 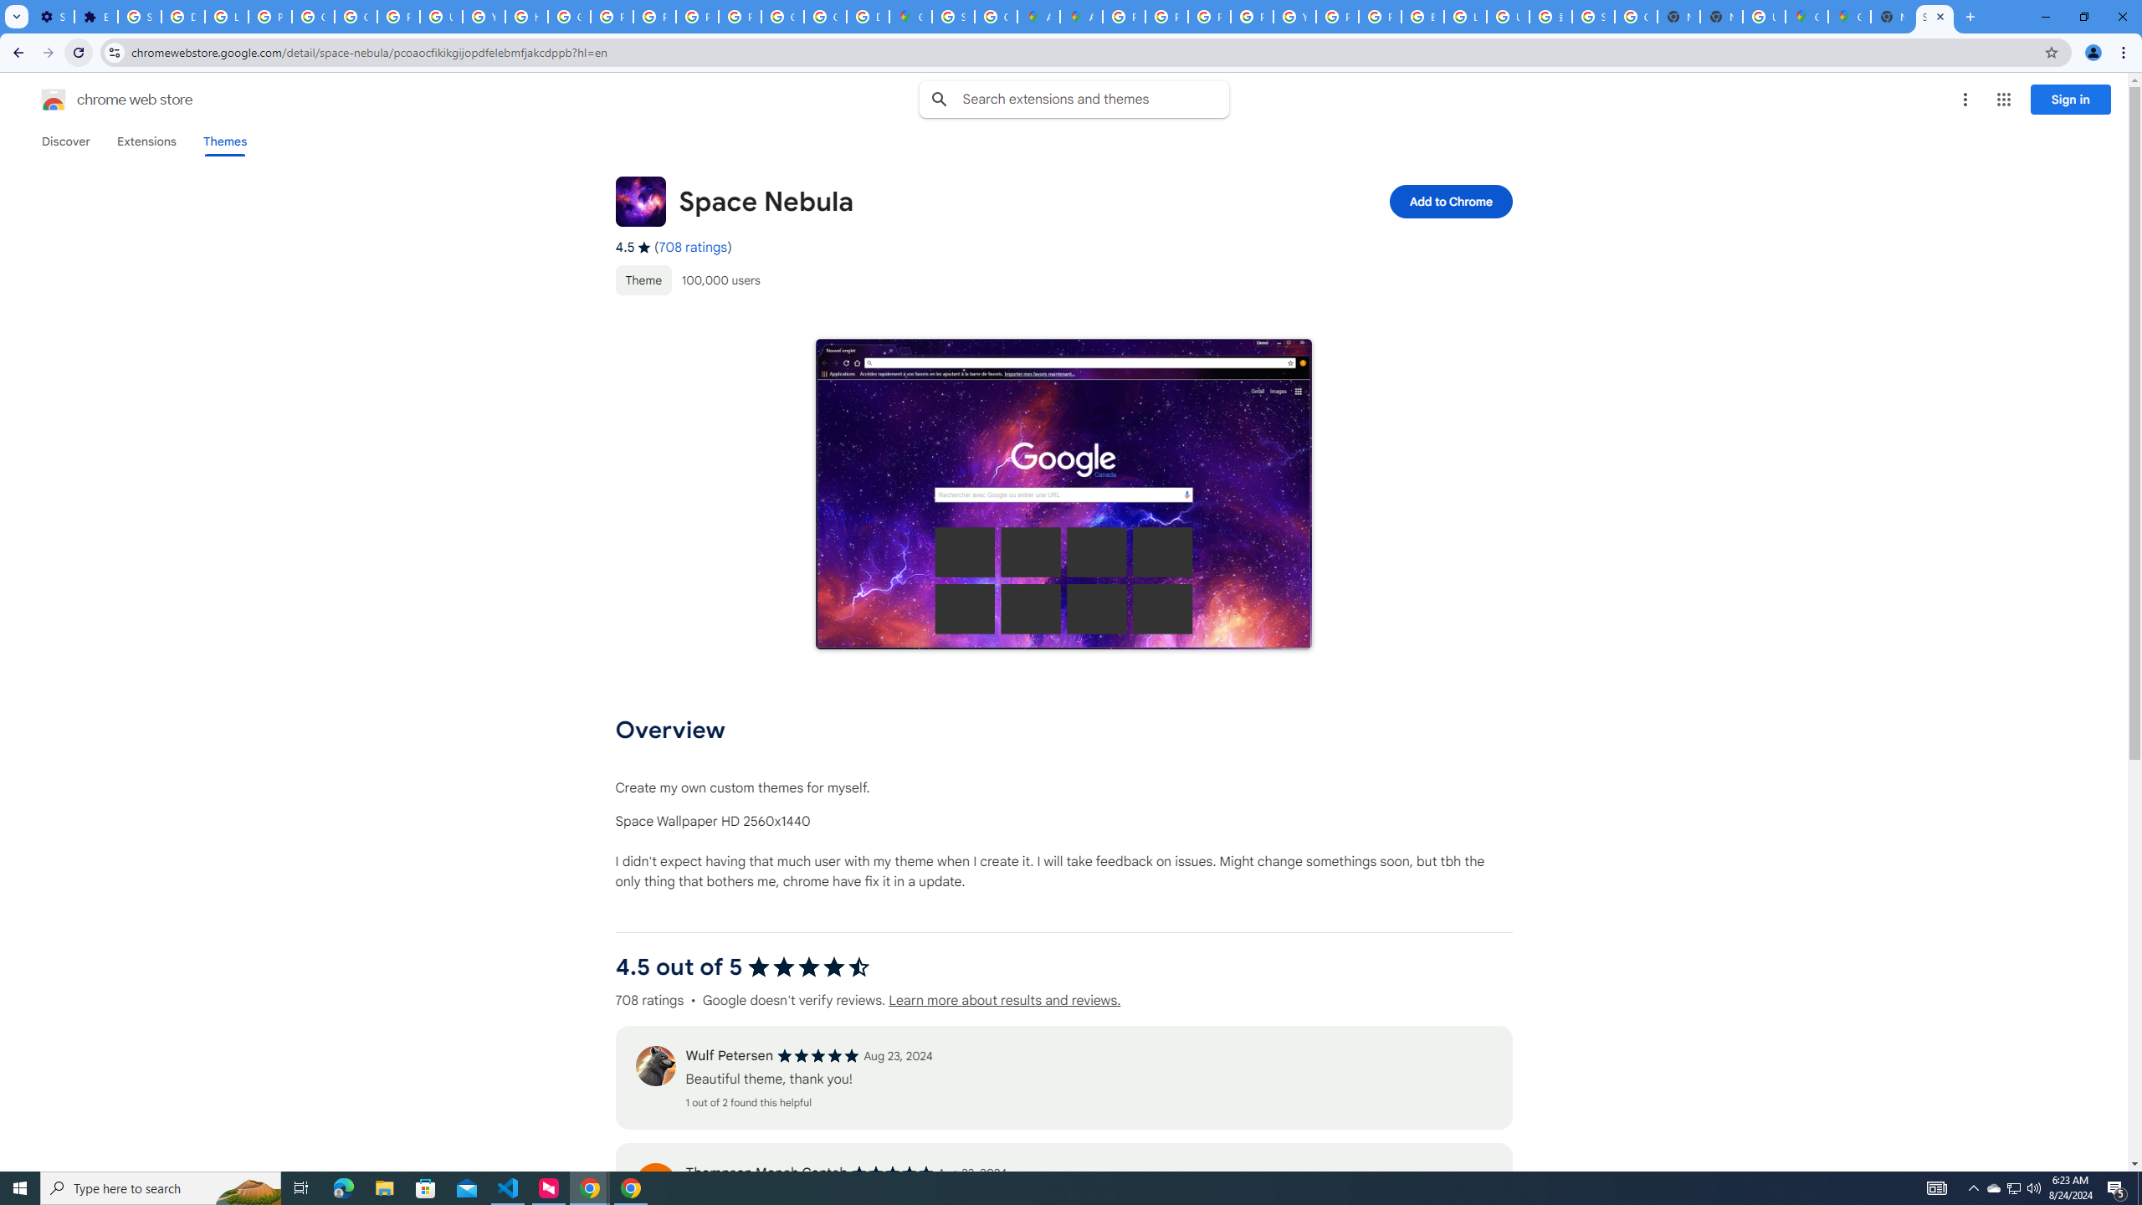 What do you see at coordinates (1892, 16) in the screenshot?
I see `'New Tab'` at bounding box center [1892, 16].